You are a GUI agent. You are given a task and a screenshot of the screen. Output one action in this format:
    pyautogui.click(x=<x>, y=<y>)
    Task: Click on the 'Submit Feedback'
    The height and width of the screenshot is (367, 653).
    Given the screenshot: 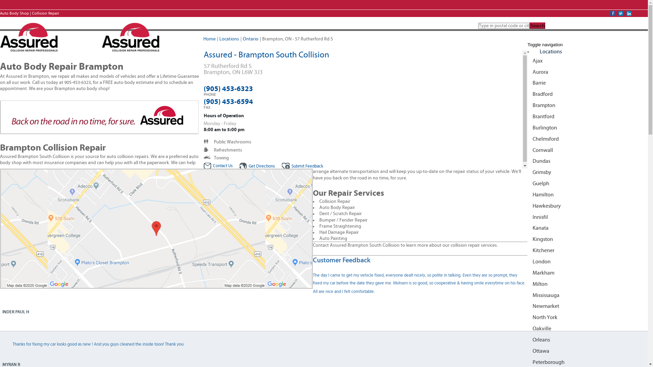 What is the action you would take?
    pyautogui.click(x=302, y=166)
    